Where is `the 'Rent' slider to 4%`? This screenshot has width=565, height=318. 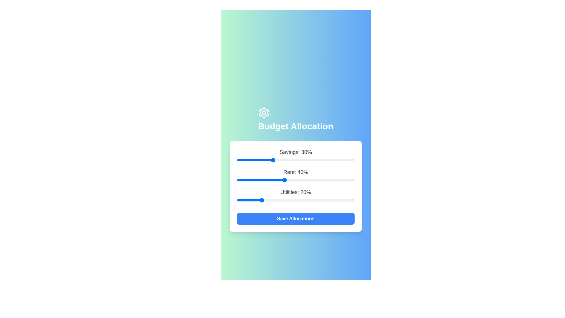
the 'Rent' slider to 4% is located at coordinates (241, 180).